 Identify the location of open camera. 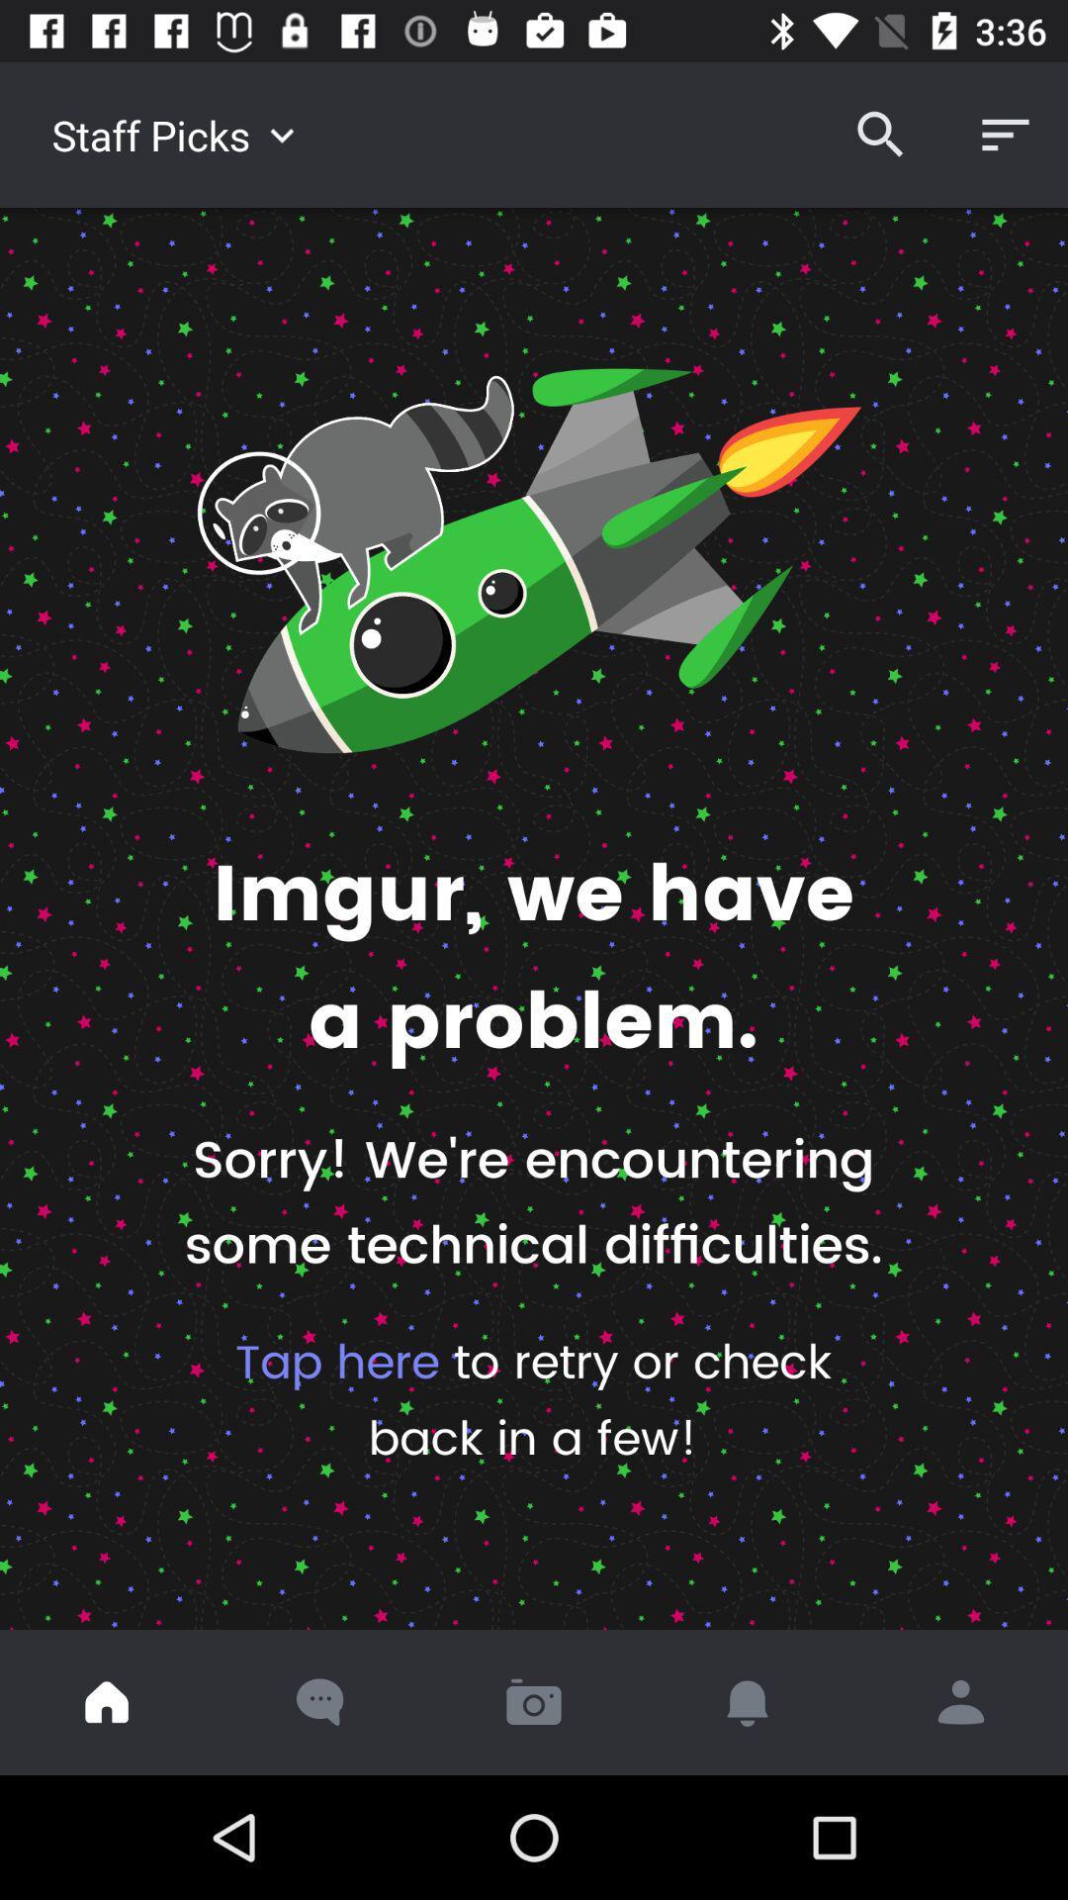
(534, 1701).